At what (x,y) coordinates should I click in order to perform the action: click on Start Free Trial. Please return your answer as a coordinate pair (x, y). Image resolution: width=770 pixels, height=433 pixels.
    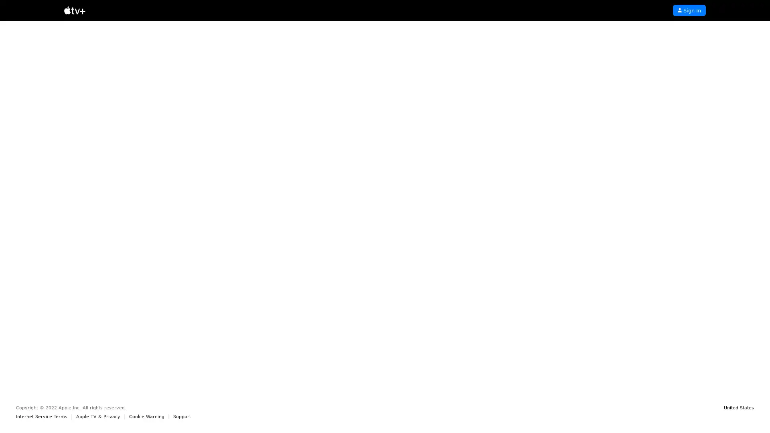
    Looking at the image, I should click on (385, 342).